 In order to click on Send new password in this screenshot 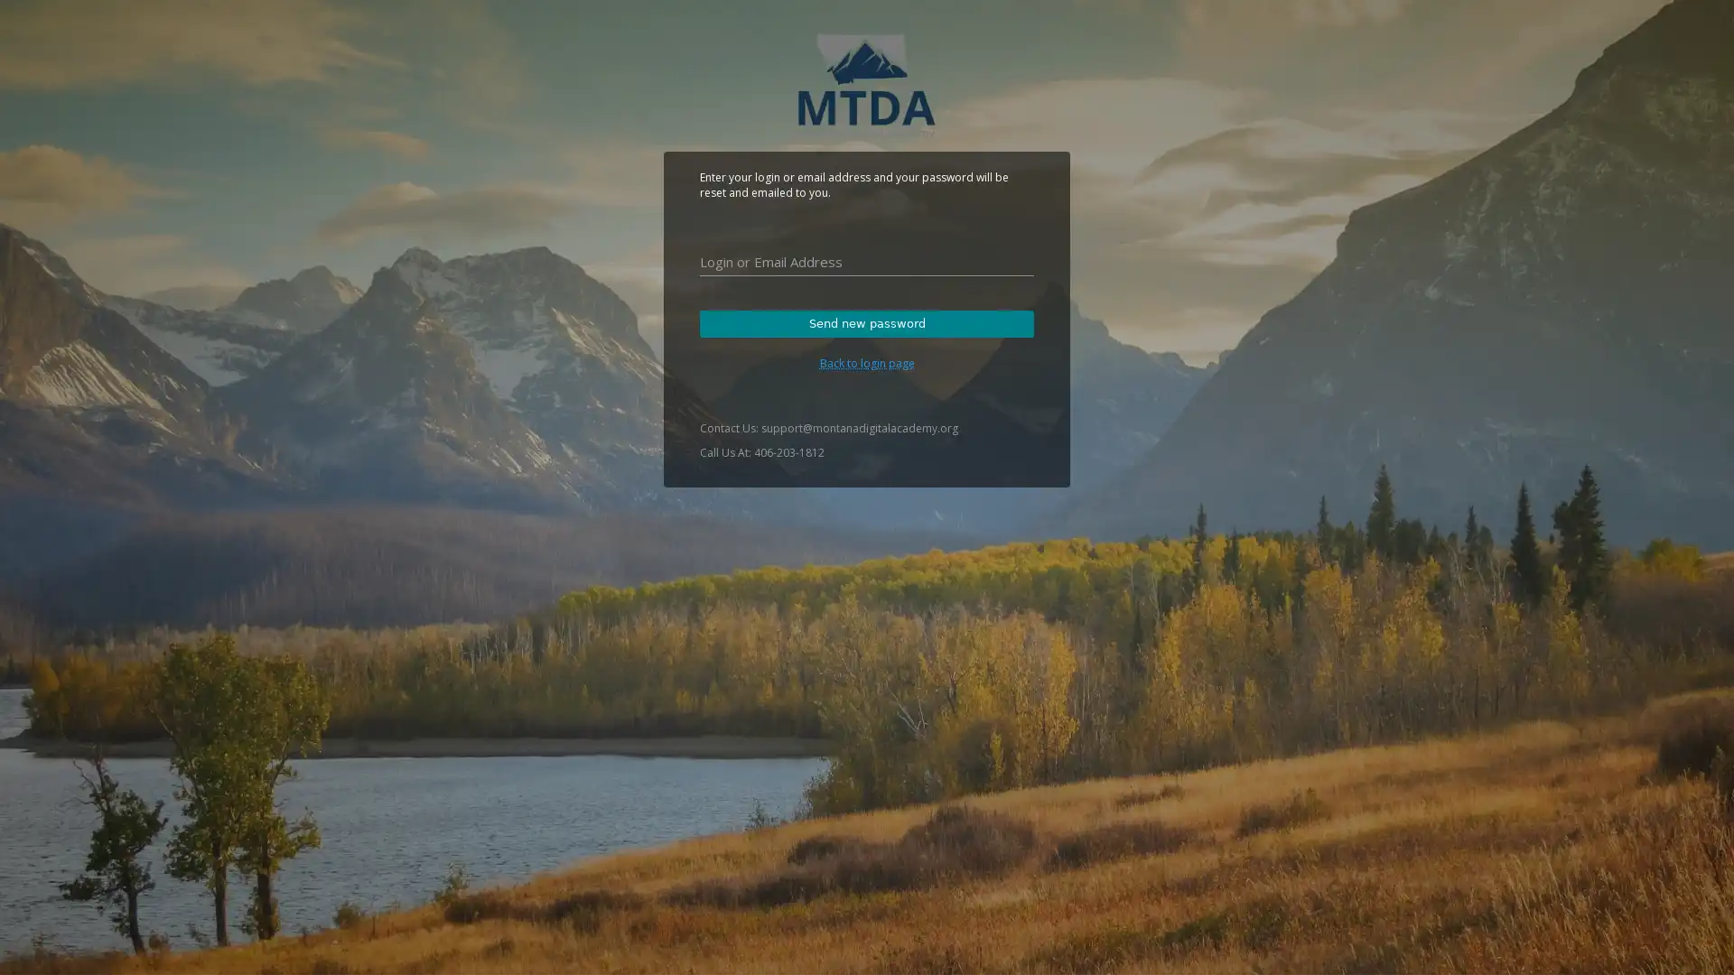, I will do `click(867, 322)`.